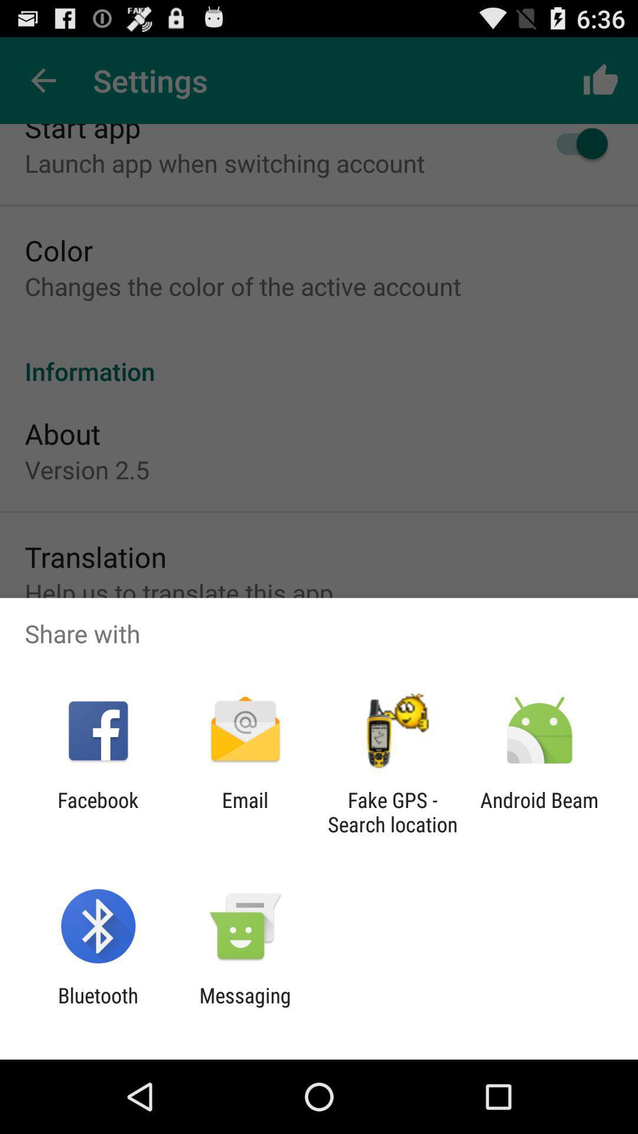 The height and width of the screenshot is (1134, 638). What do you see at coordinates (97, 812) in the screenshot?
I see `the app next to the email item` at bounding box center [97, 812].